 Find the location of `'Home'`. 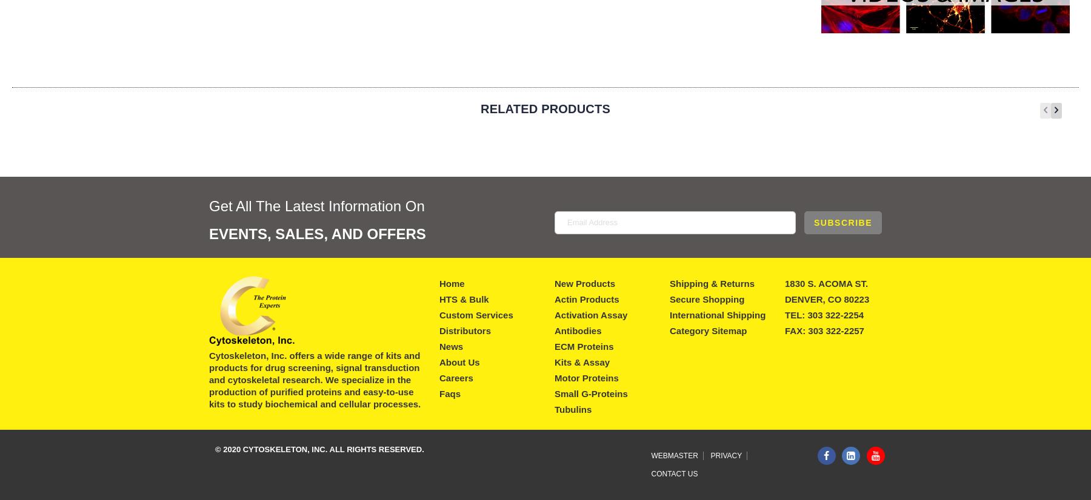

'Home' is located at coordinates (451, 282).